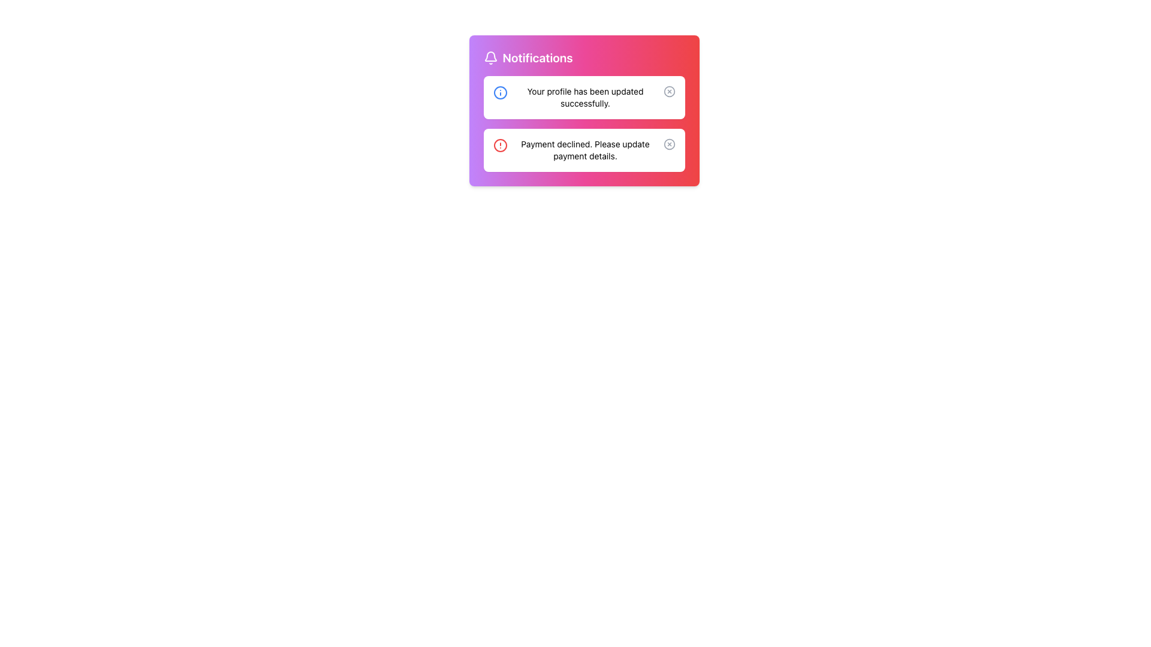 The image size is (1151, 647). Describe the element at coordinates (500, 92) in the screenshot. I see `the informational icon located to the left of the notification message 'Your profile has been updated successfully.'` at that location.